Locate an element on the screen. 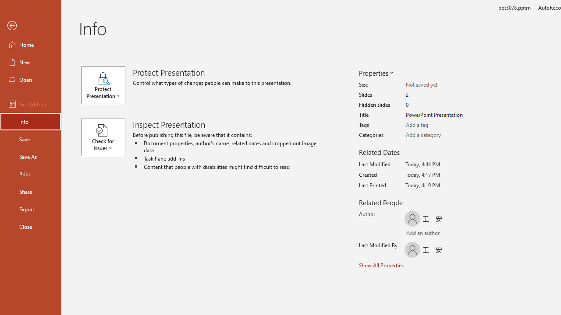 The height and width of the screenshot is (315, 561). 'Info' is located at coordinates (30, 121).